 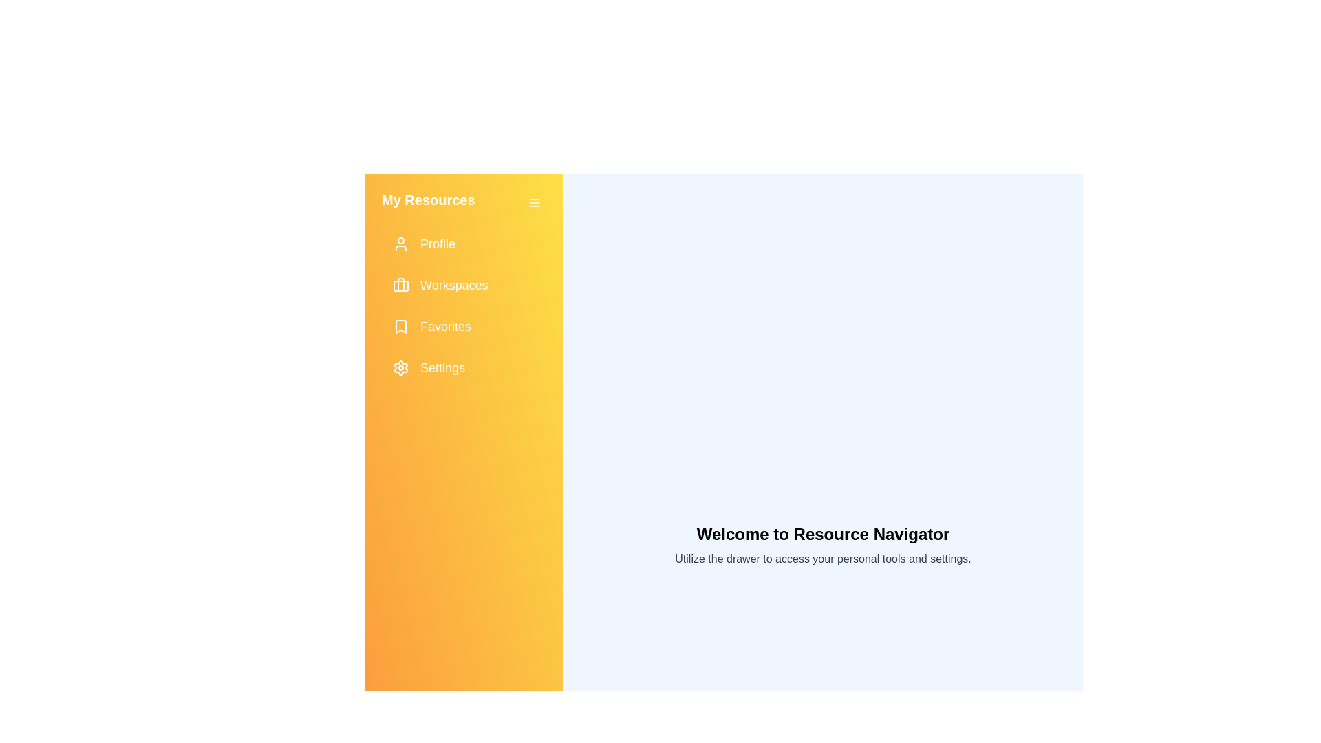 I want to click on toggle button to close the navigation drawer, so click(x=534, y=202).